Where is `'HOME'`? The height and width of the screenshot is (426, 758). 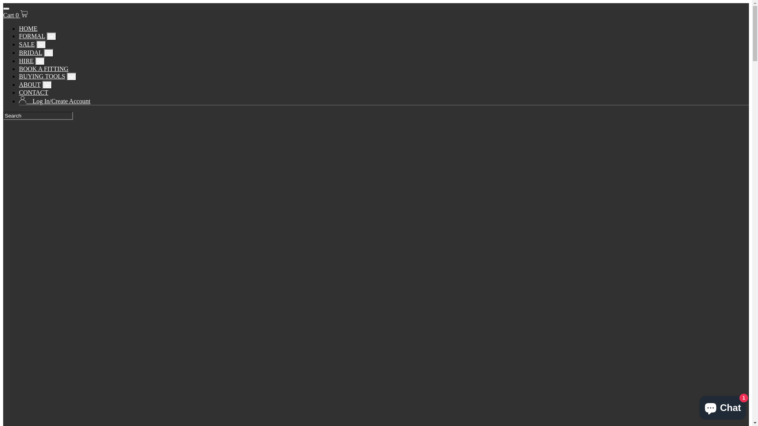
'HOME' is located at coordinates (28, 28).